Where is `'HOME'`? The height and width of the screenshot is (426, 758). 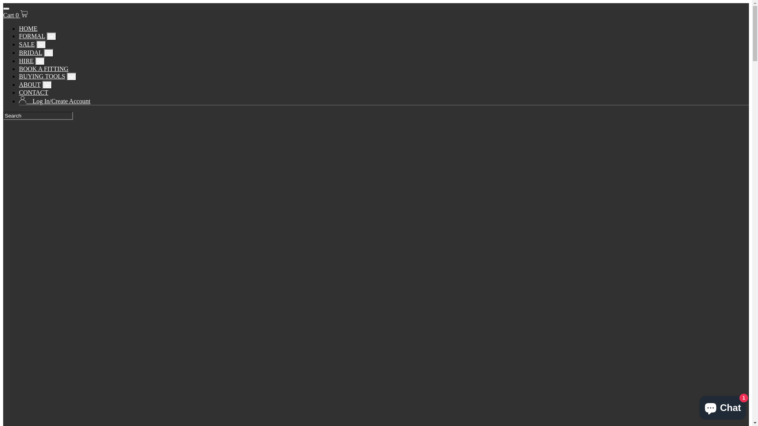
'HOME' is located at coordinates (28, 28).